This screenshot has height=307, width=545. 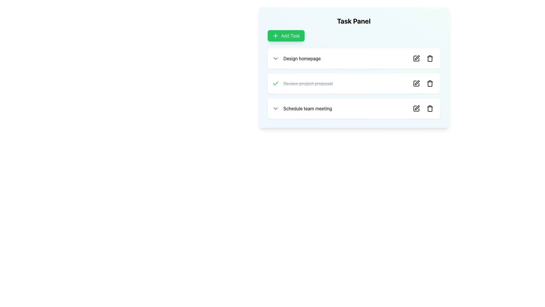 What do you see at coordinates (416, 58) in the screenshot?
I see `the edit button icon located to the right of the task description for 'Design homepage' in the task list` at bounding box center [416, 58].